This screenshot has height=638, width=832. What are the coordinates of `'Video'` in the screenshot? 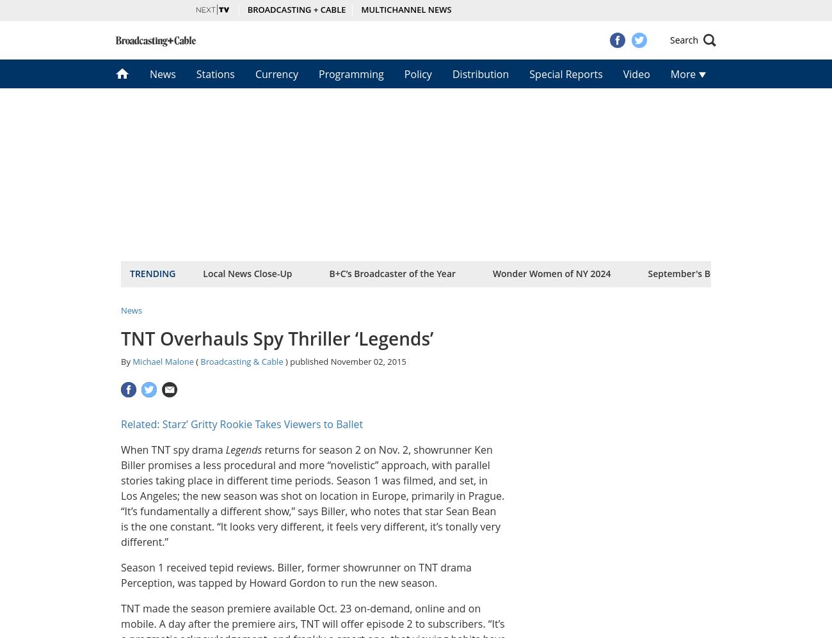 It's located at (635, 74).